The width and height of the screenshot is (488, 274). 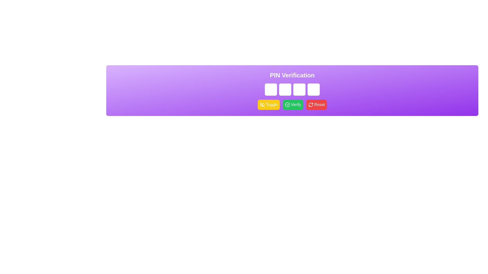 I want to click on the 'Reset' button, which is a rounded rectangular button with a red background and white text, located below the 'PIN Verification' label and to the right of the 'Verify' button, so click(x=316, y=104).